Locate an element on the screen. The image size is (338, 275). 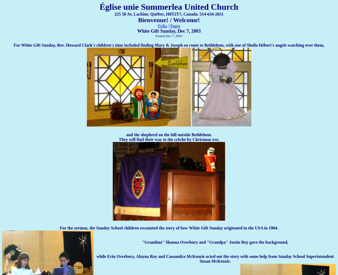
'Pages' is located at coordinates (175, 26).